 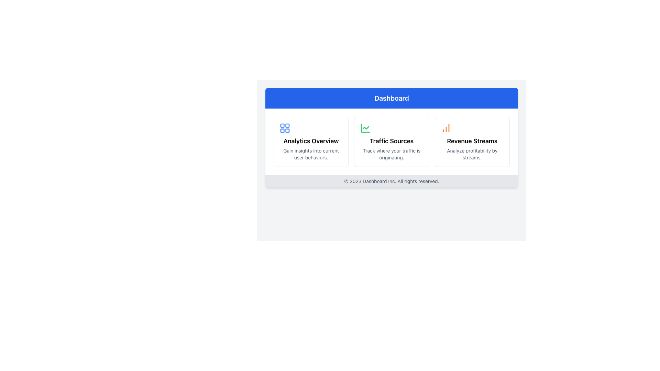 I want to click on the Banner element, which serves as the header for the section containing 'Analytics Overview', 'Traffic Sources', and 'Revenue Streams', so click(x=392, y=98).